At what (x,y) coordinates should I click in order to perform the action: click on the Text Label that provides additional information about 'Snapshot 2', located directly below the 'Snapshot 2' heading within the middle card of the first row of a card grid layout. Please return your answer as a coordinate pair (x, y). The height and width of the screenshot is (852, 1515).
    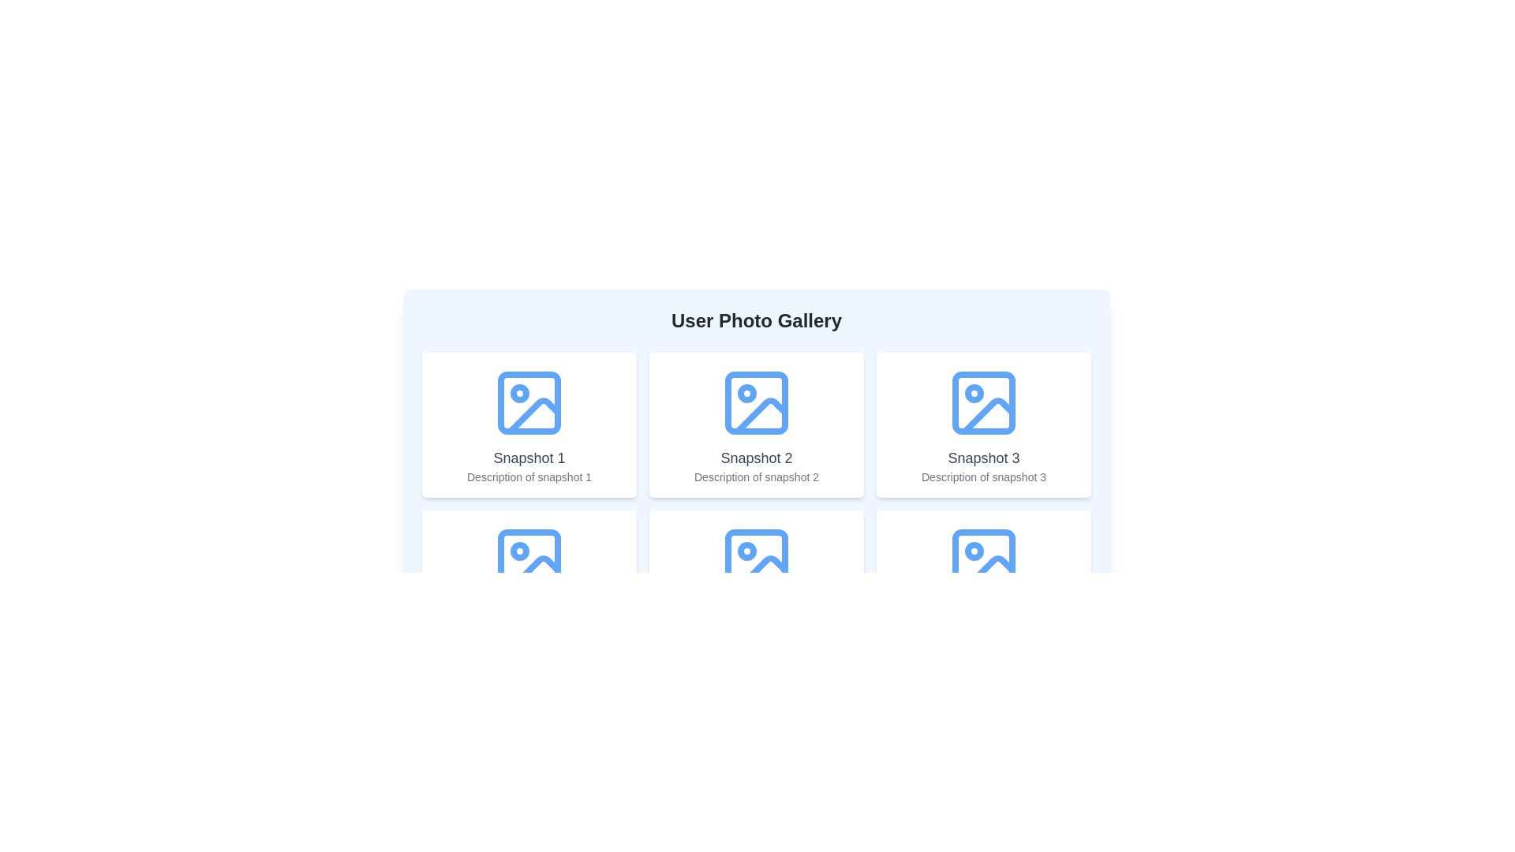
    Looking at the image, I should click on (756, 476).